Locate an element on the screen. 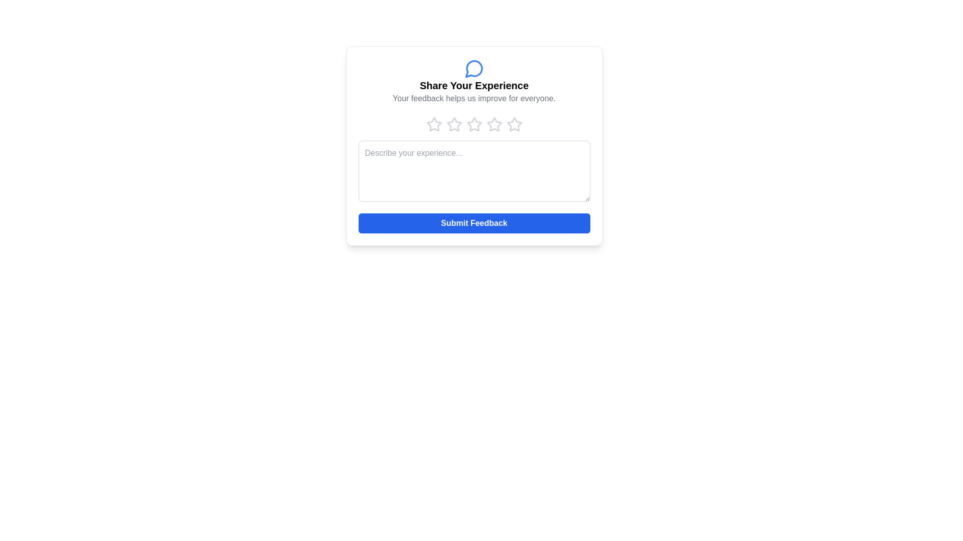 The height and width of the screenshot is (541, 963). the fifth star icon in the five-star rating system is located at coordinates (514, 124).